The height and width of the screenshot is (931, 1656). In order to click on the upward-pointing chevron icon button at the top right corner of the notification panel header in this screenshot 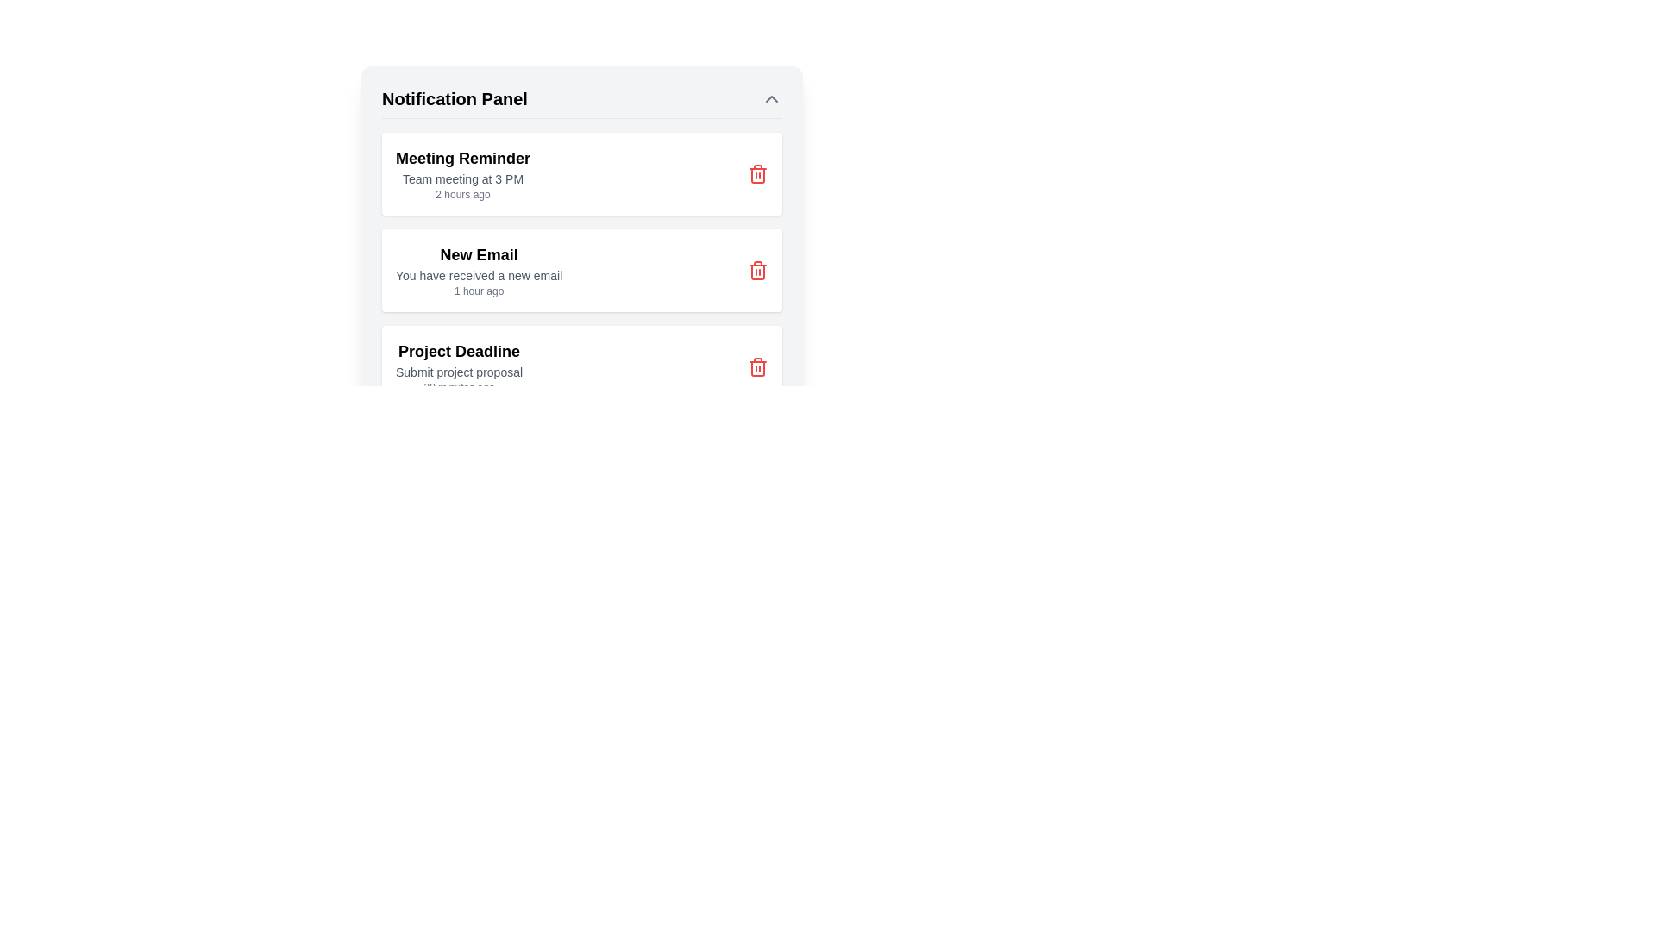, I will do `click(770, 99)`.